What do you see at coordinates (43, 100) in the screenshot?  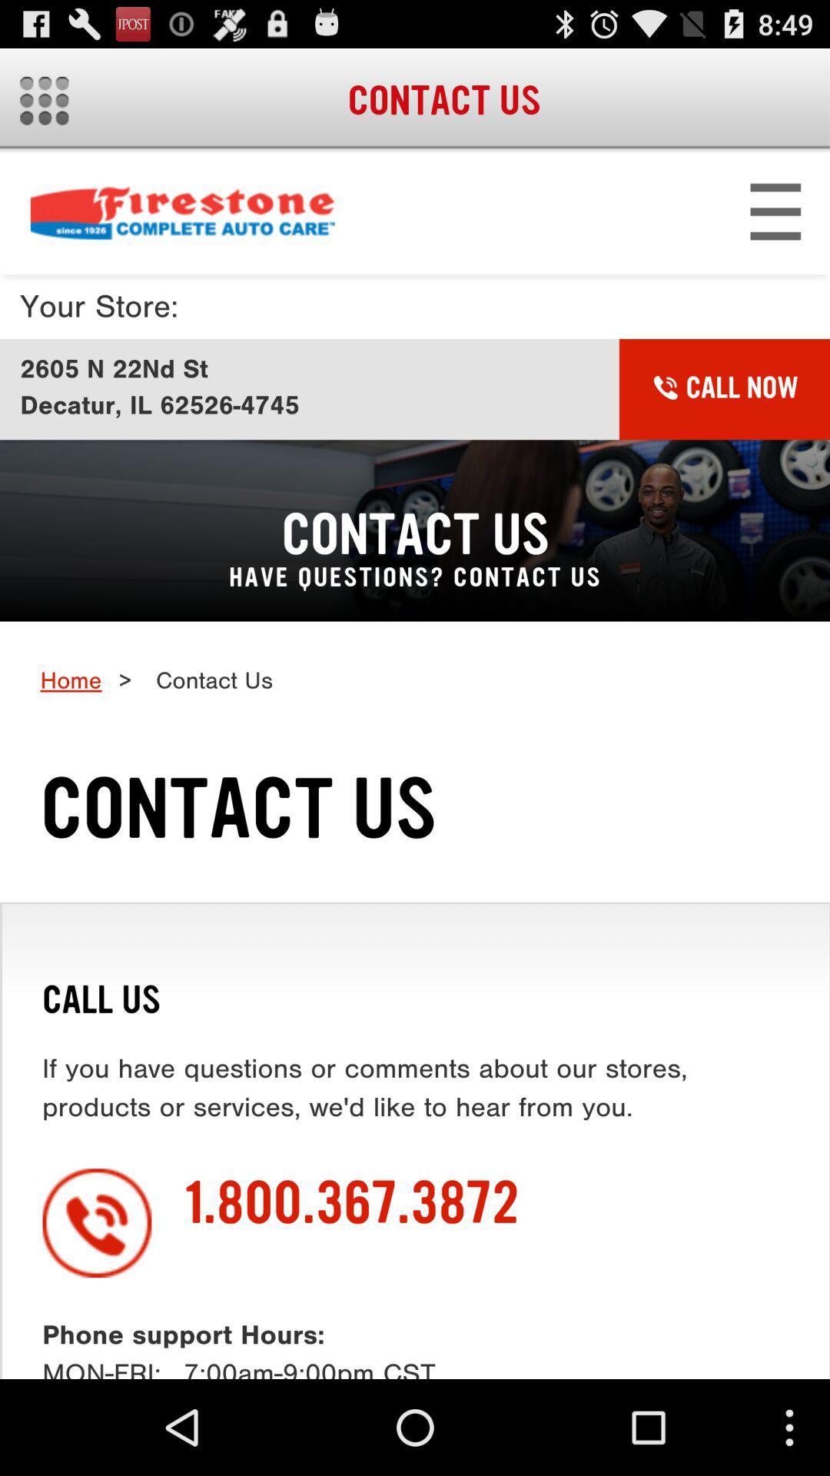 I see `menu` at bounding box center [43, 100].